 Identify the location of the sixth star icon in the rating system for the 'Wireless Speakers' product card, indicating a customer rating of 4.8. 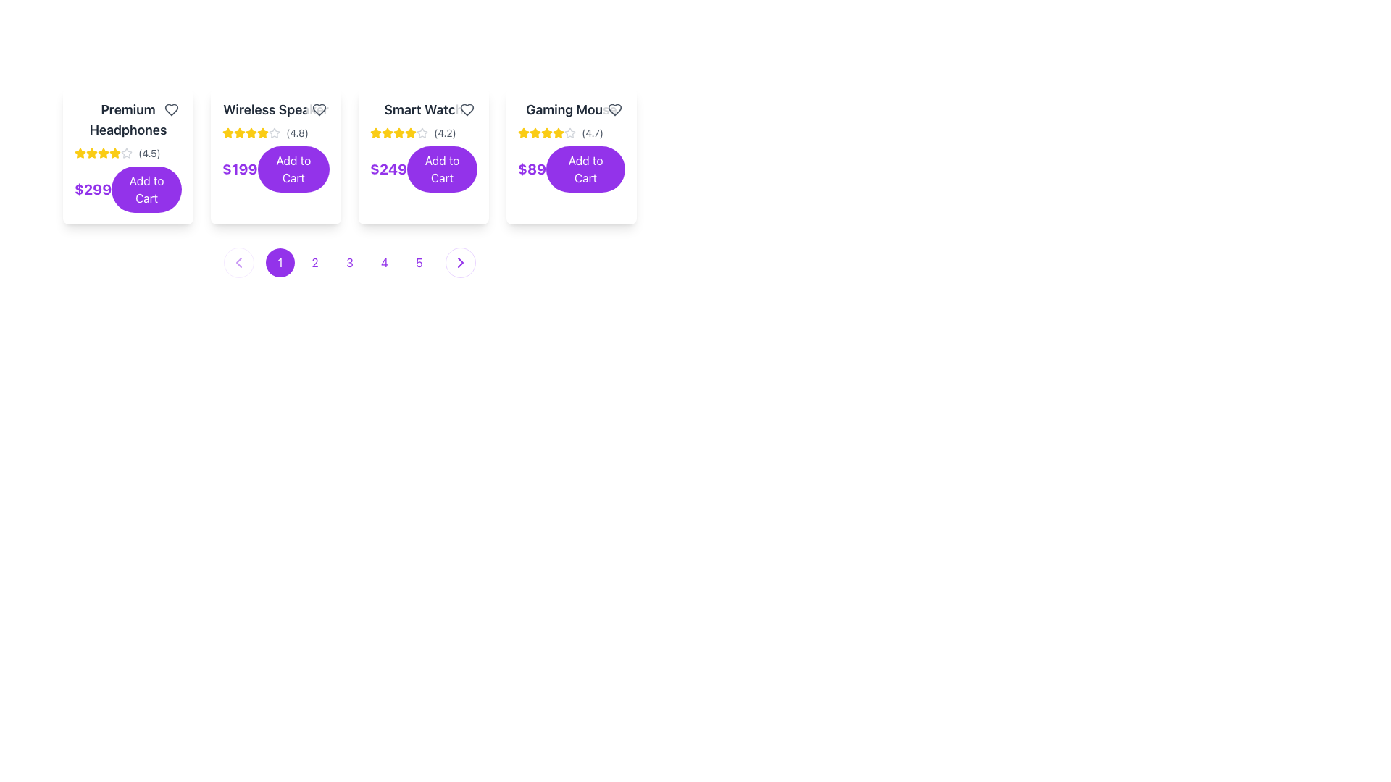
(263, 133).